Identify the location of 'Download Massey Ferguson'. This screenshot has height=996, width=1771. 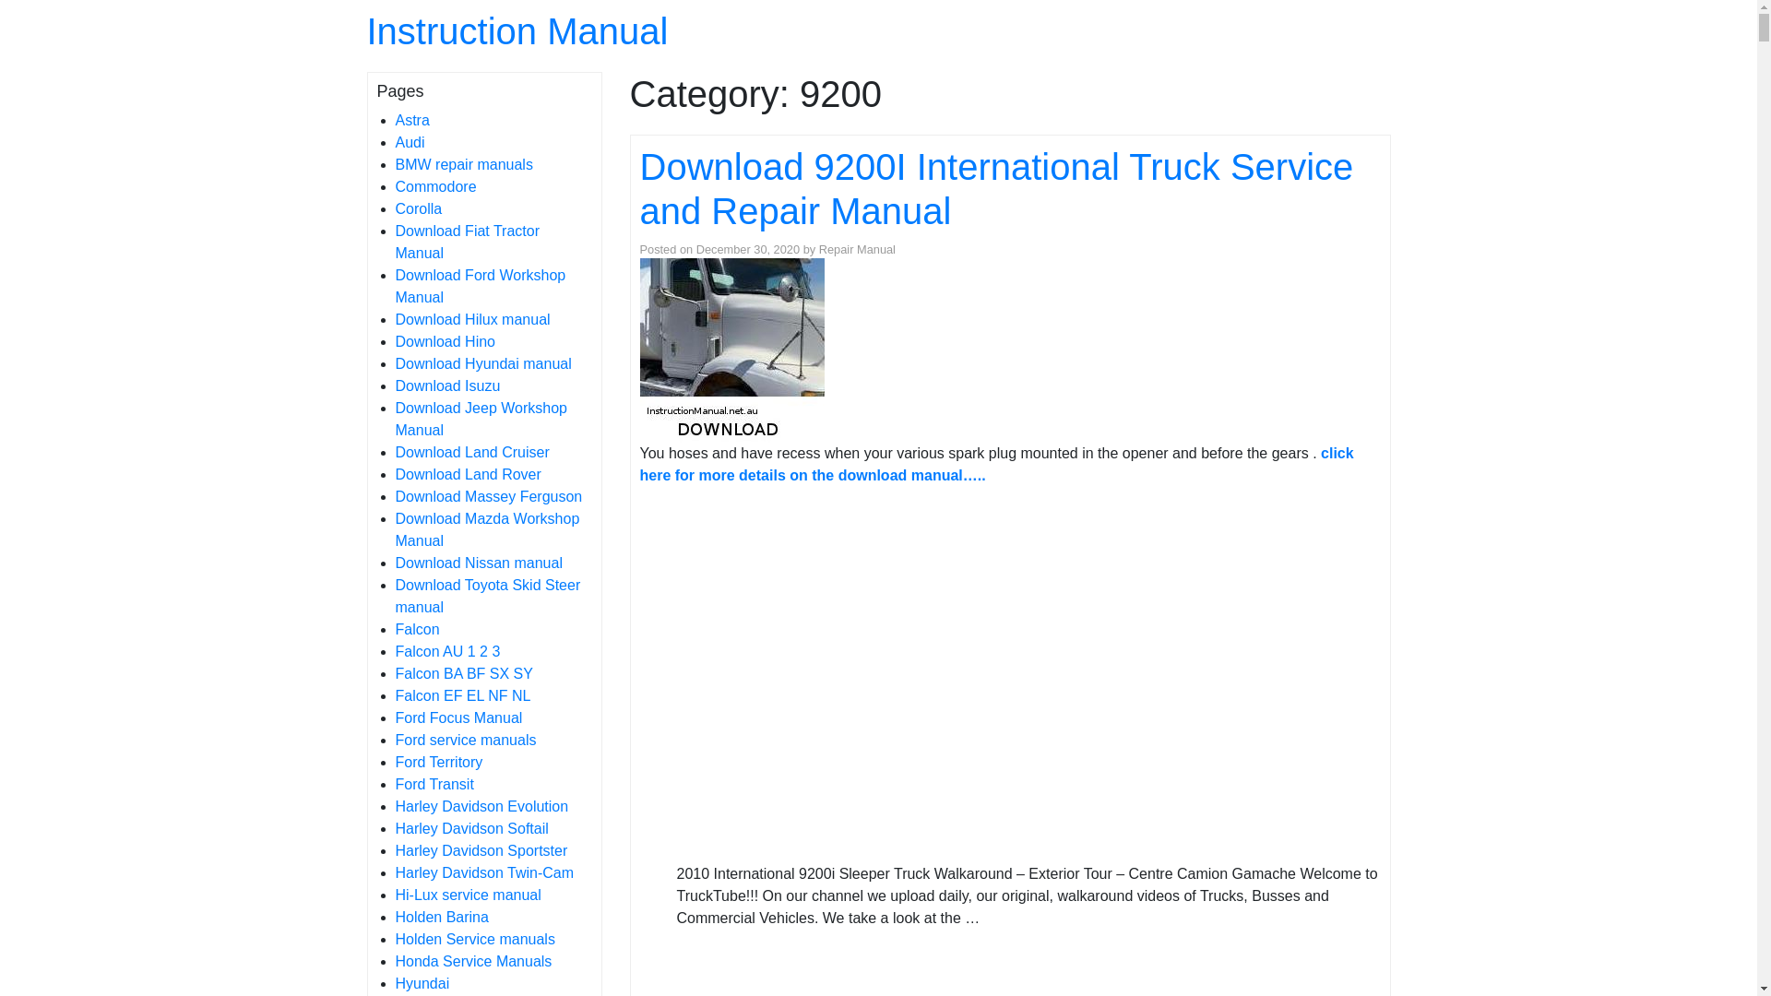
(393, 495).